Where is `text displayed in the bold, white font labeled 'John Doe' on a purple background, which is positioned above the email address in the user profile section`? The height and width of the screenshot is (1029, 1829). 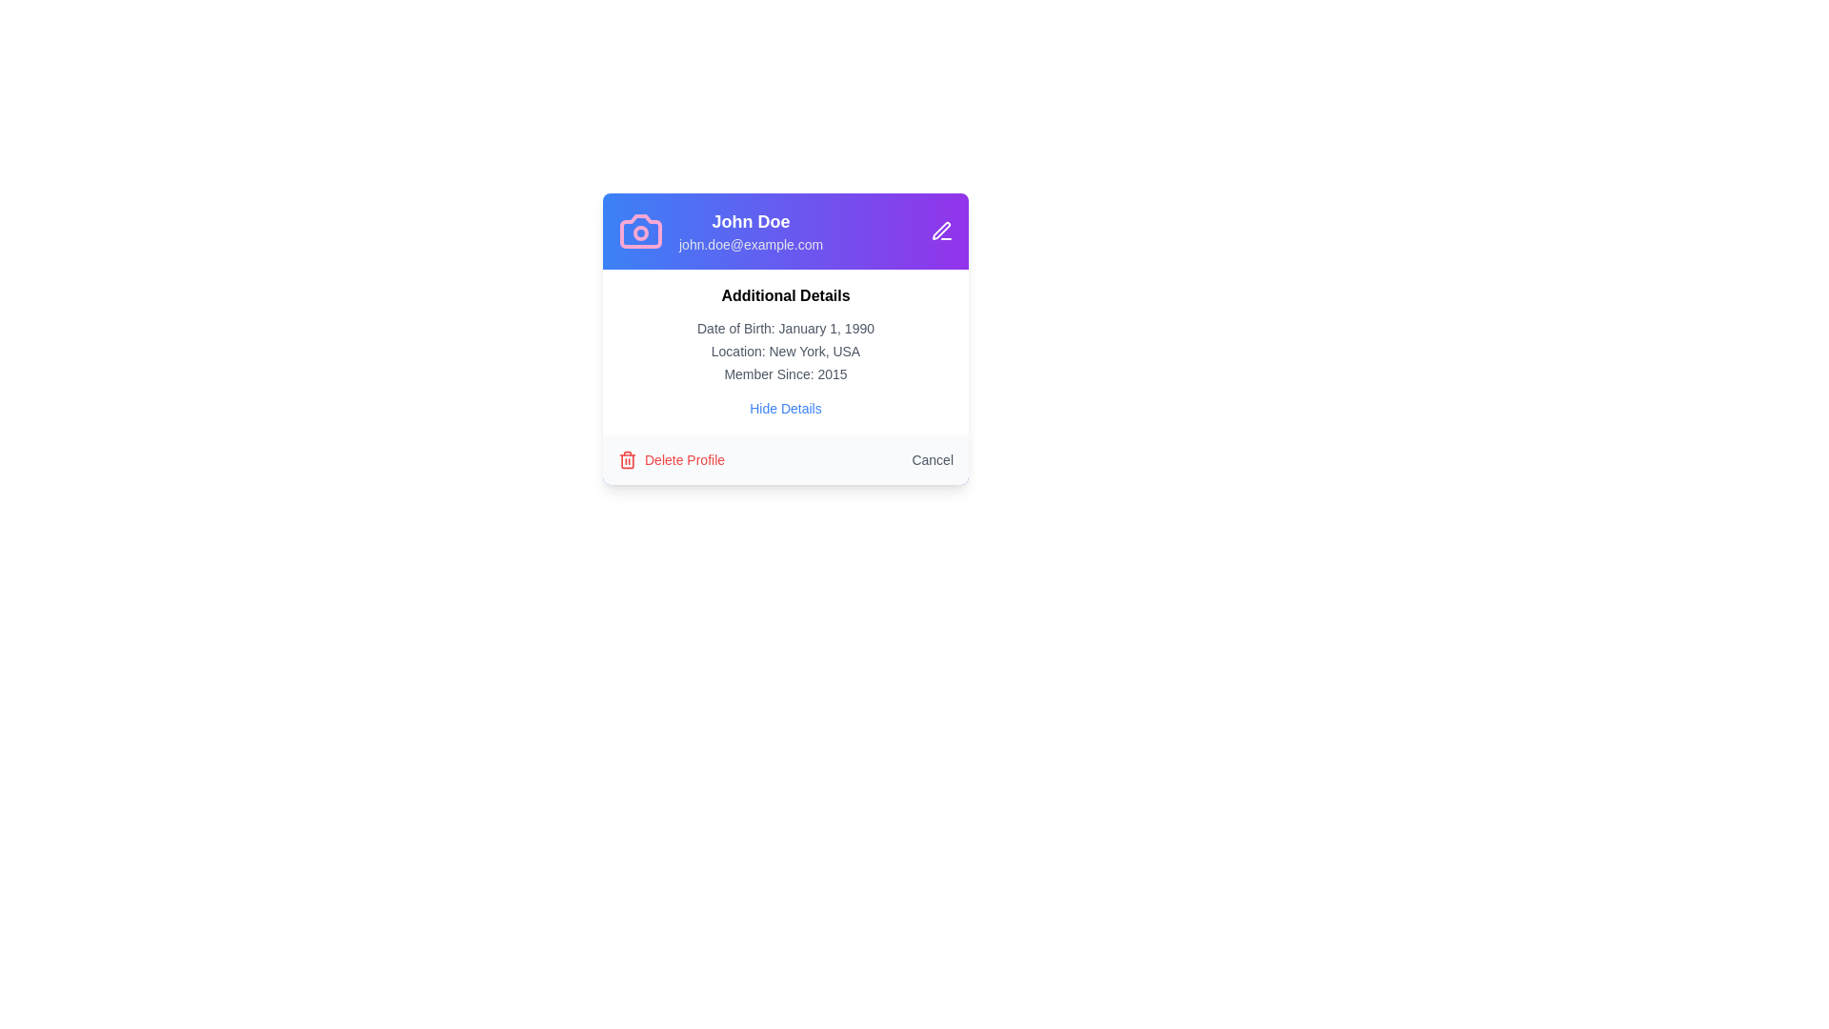
text displayed in the bold, white font labeled 'John Doe' on a purple background, which is positioned above the email address in the user profile section is located at coordinates (750, 220).